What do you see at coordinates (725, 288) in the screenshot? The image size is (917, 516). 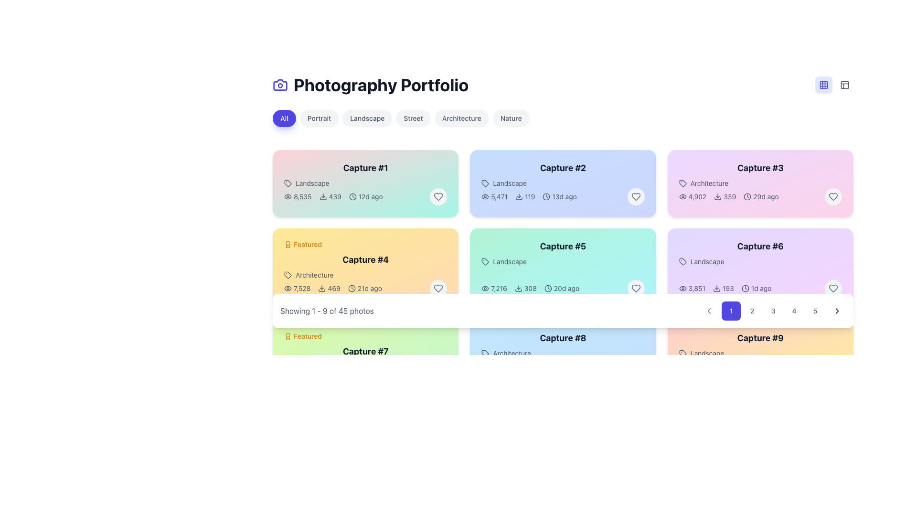 I see `the displayed metrics of the informational text with icons showing '3,851', a download icon, '193', and '1d ago' located under 'Landscape' in the details section of 'Capture #6'` at bounding box center [725, 288].